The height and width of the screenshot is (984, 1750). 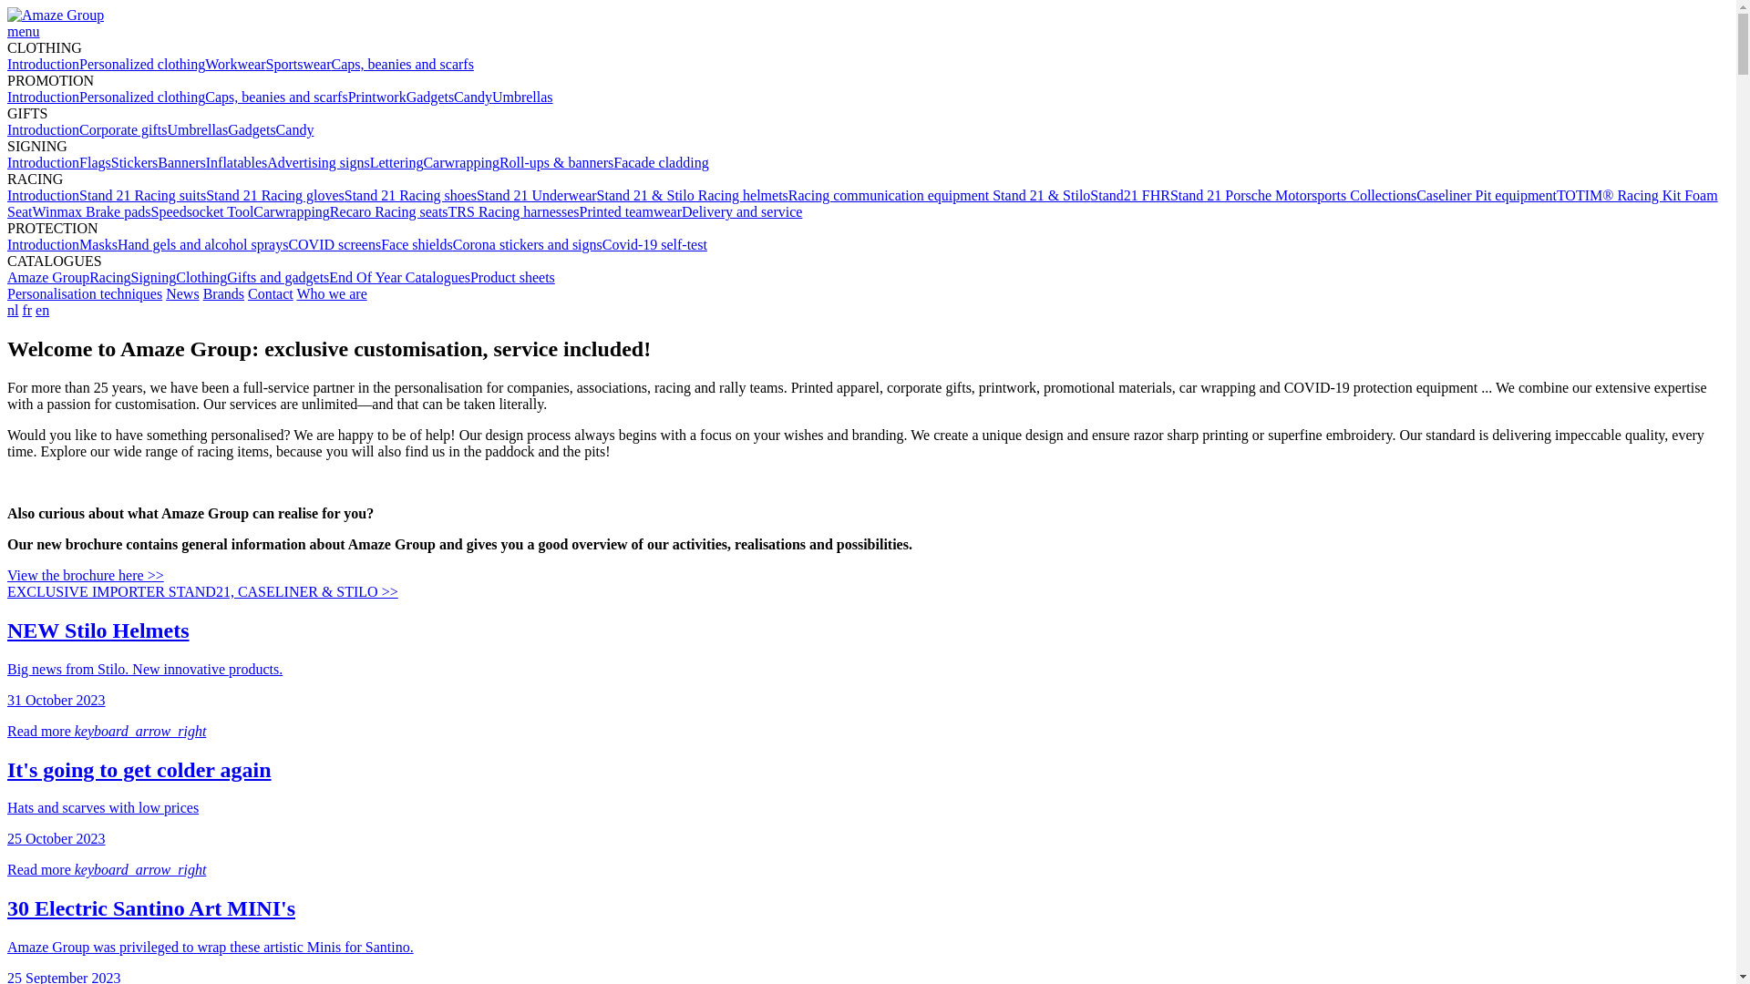 What do you see at coordinates (270, 292) in the screenshot?
I see `'Contact'` at bounding box center [270, 292].